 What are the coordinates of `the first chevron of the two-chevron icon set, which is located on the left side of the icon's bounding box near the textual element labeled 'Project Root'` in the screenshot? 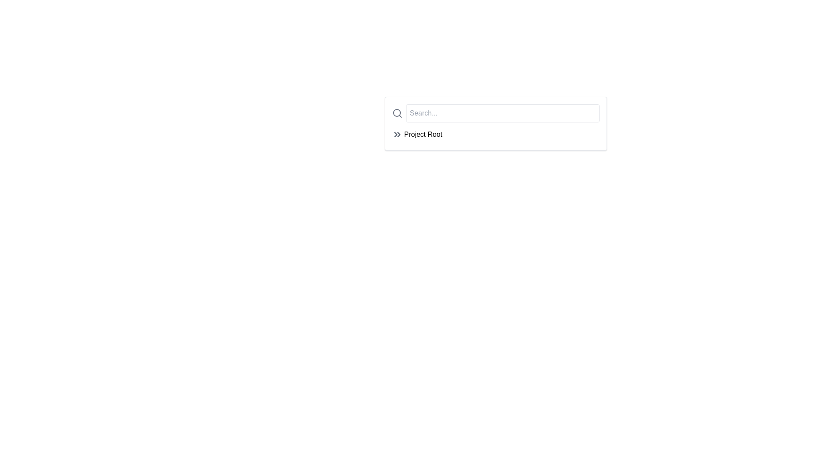 It's located at (395, 134).